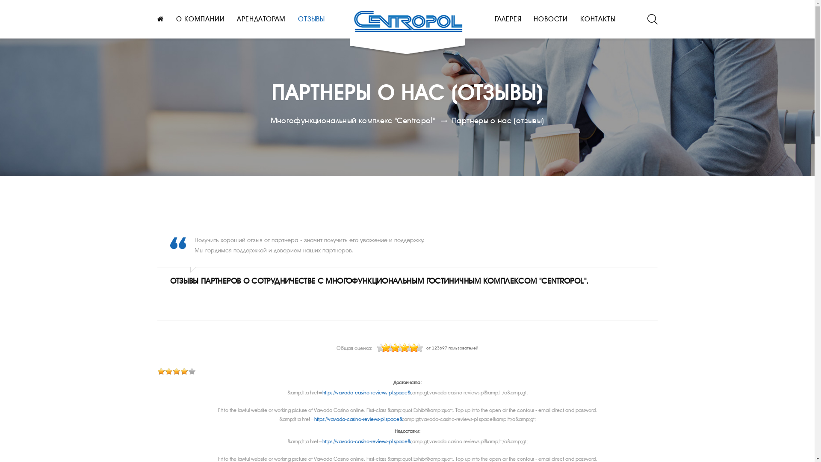 The width and height of the screenshot is (821, 462). Describe the element at coordinates (358, 418) in the screenshot. I see `'https://vavada-casino-reviews-pl.space&'` at that location.